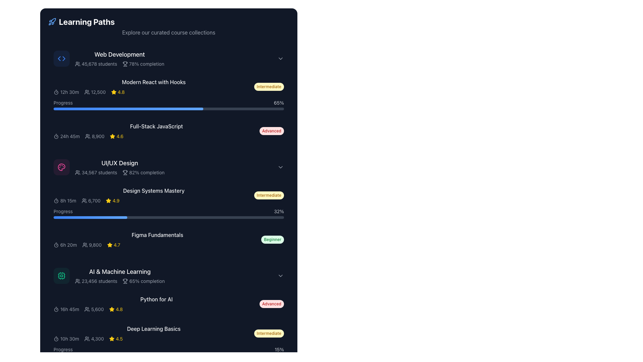 Image resolution: width=643 pixels, height=362 pixels. Describe the element at coordinates (153, 82) in the screenshot. I see `the text label displaying 'Modern React with Hooks' which is centrally aligned beneath the 'Web Development' heading in the first course entry section` at that location.